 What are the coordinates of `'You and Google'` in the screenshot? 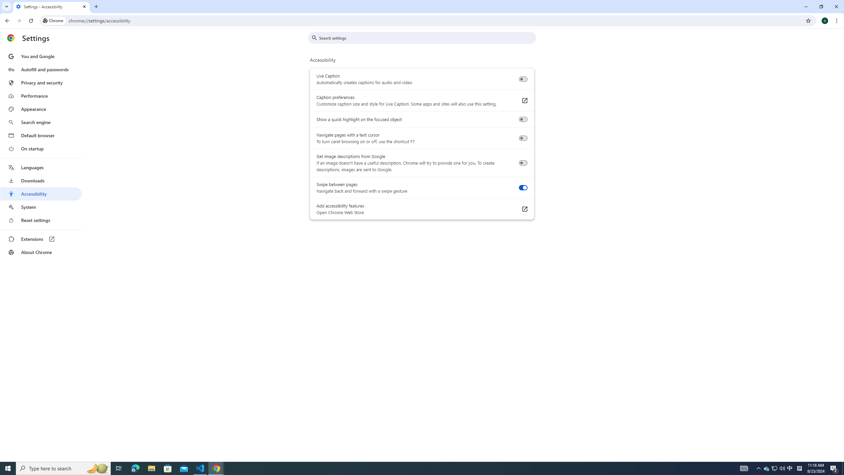 It's located at (41, 56).